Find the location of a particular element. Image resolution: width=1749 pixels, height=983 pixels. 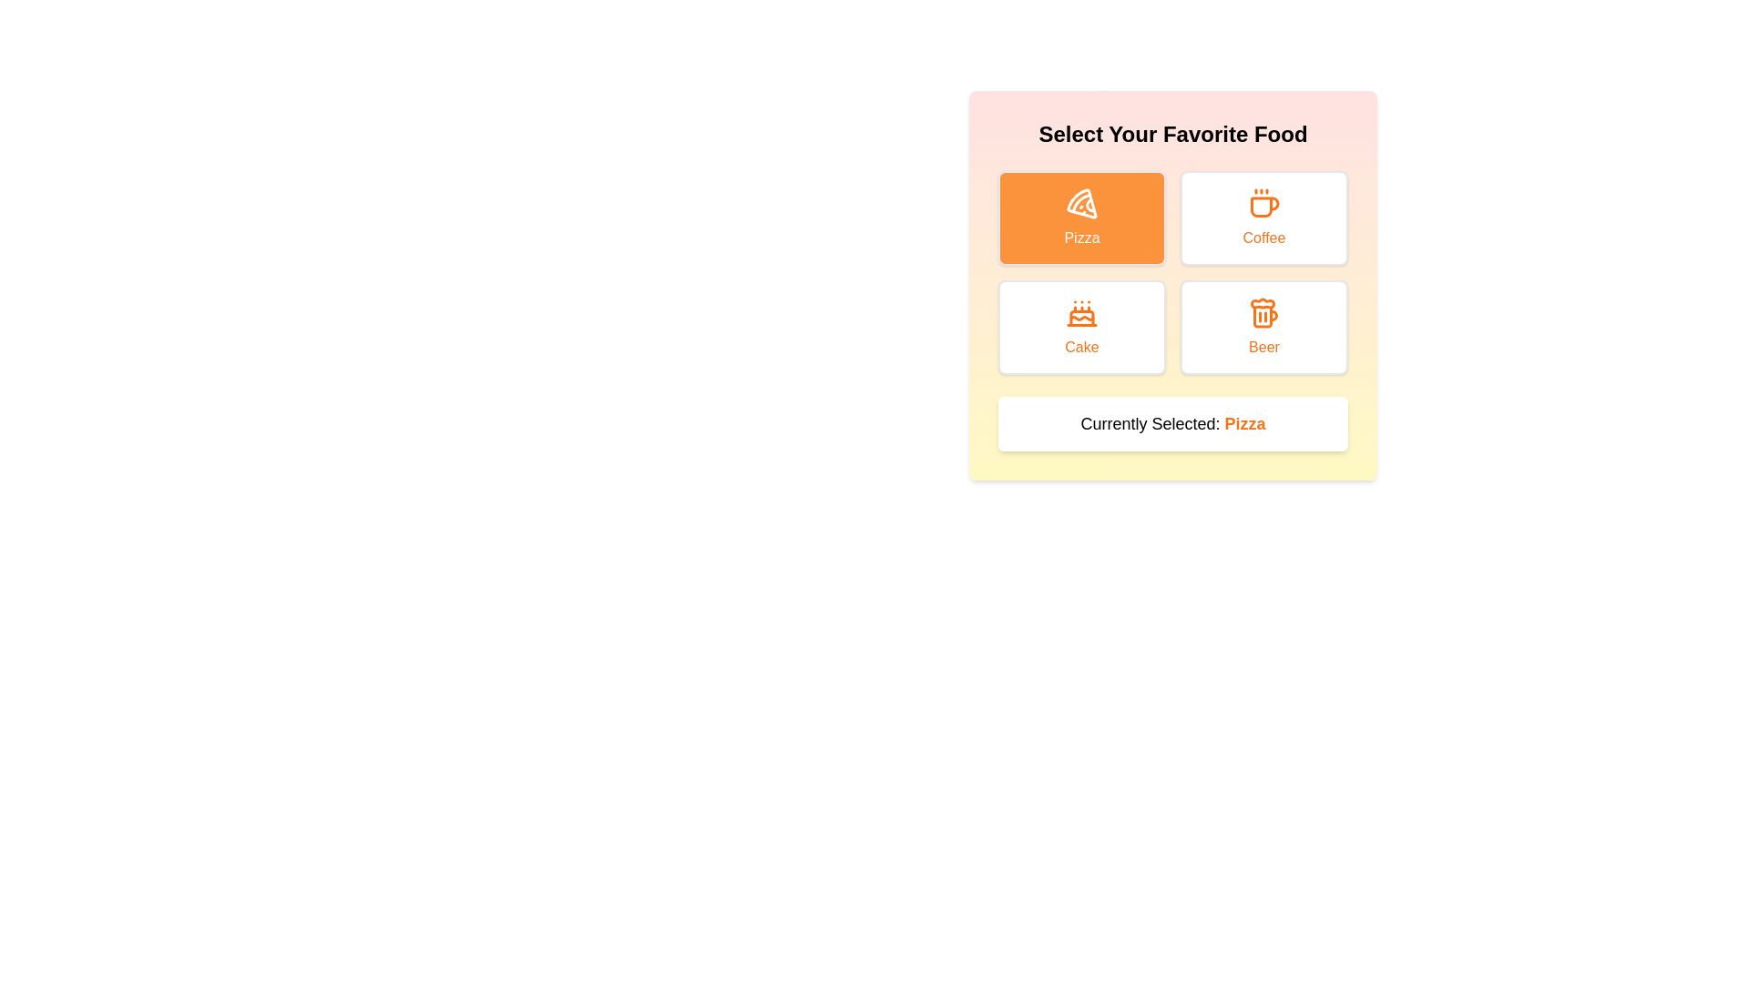

the food item Coffee by clicking its button is located at coordinates (1263, 217).